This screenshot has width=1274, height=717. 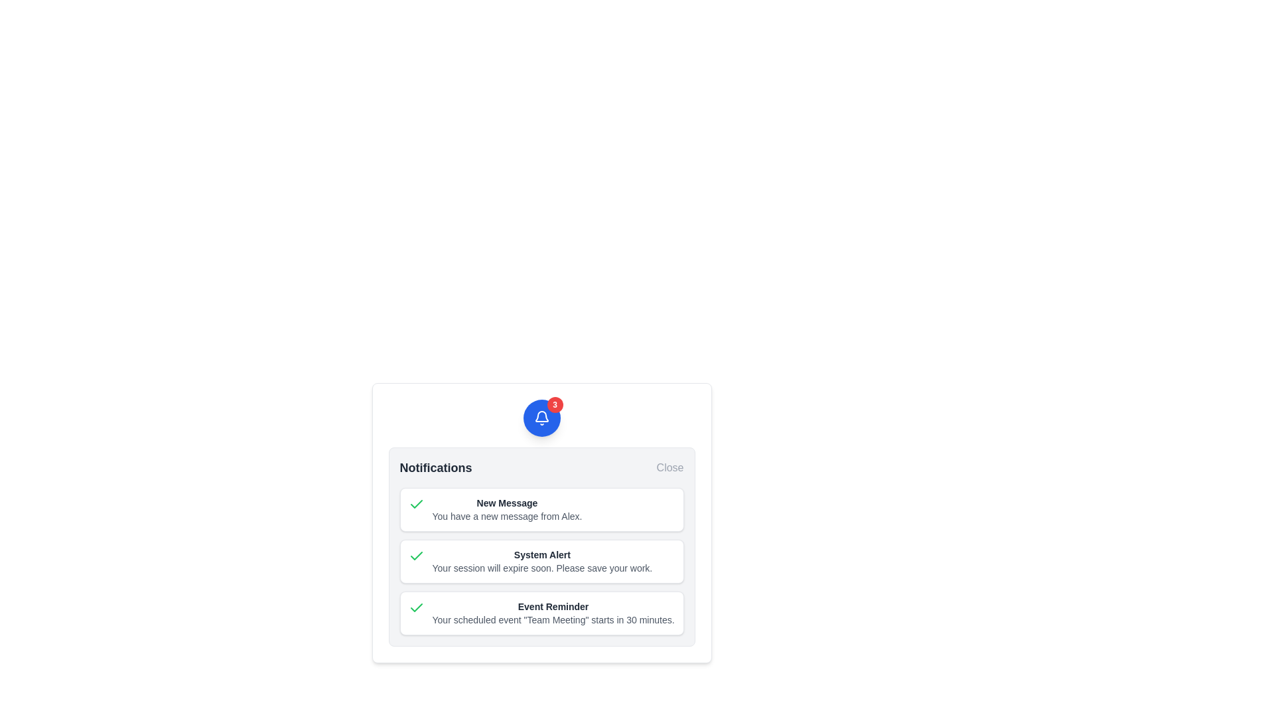 What do you see at coordinates (541, 547) in the screenshot?
I see `the text panel that informs the user about imminent session expiration, located in the center column of the notification panel, to read its text` at bounding box center [541, 547].